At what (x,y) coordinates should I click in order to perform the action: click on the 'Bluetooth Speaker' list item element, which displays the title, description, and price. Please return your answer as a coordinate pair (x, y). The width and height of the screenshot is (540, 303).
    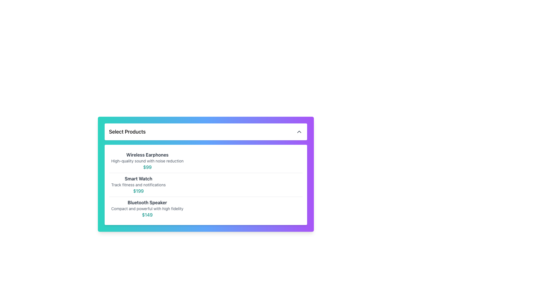
    Looking at the image, I should click on (205, 209).